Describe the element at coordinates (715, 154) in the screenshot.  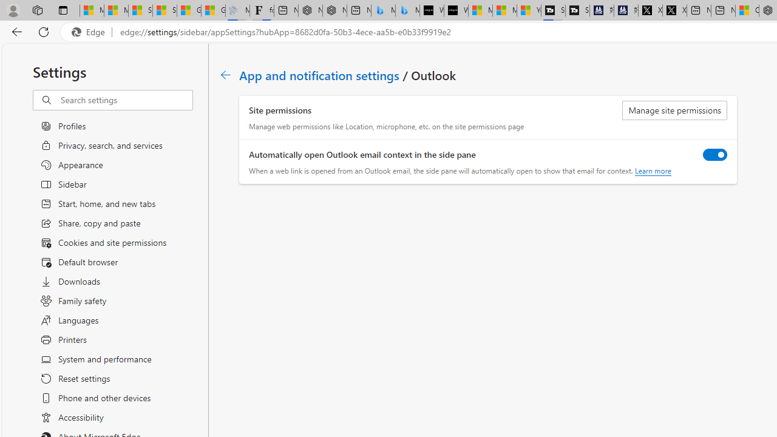
I see `'Automatically open Outlook email context in the side pane'` at that location.